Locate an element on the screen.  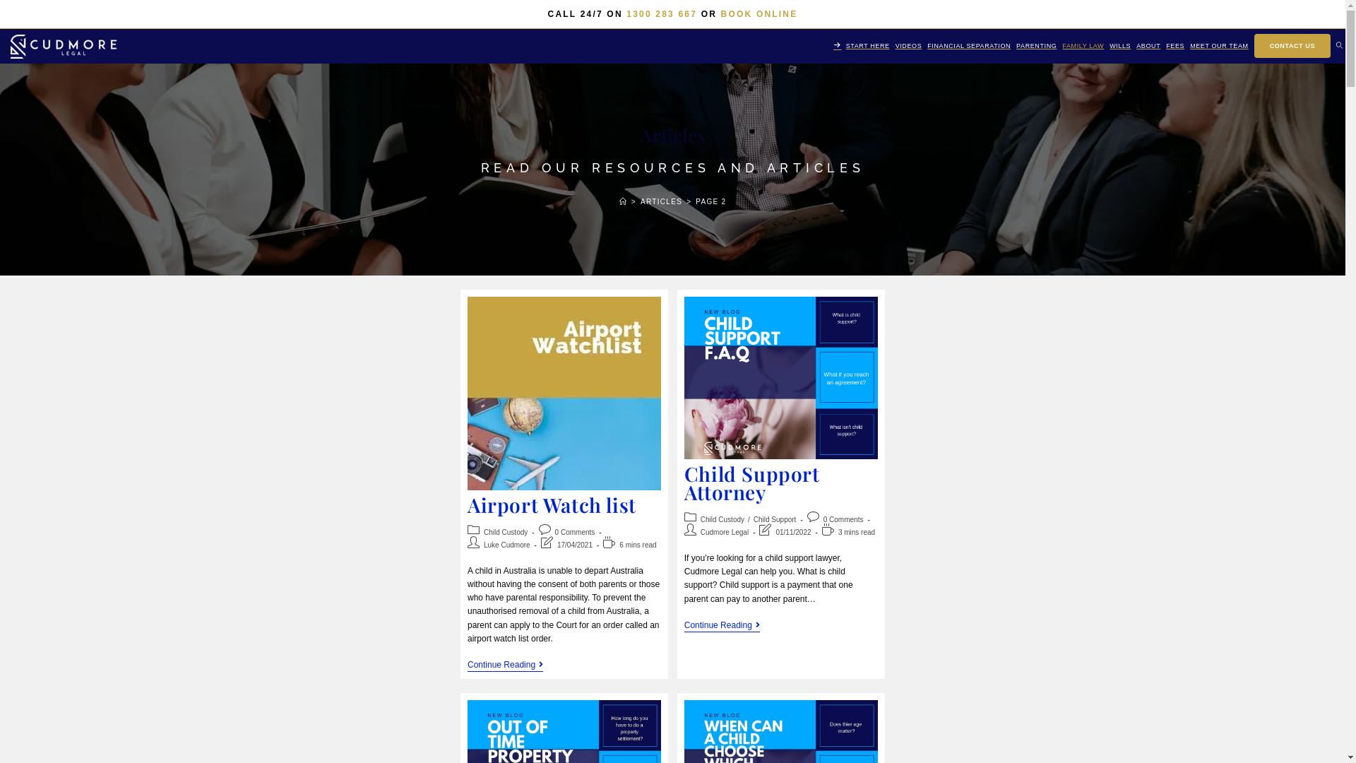
'PARENTING' is located at coordinates (1036, 45).